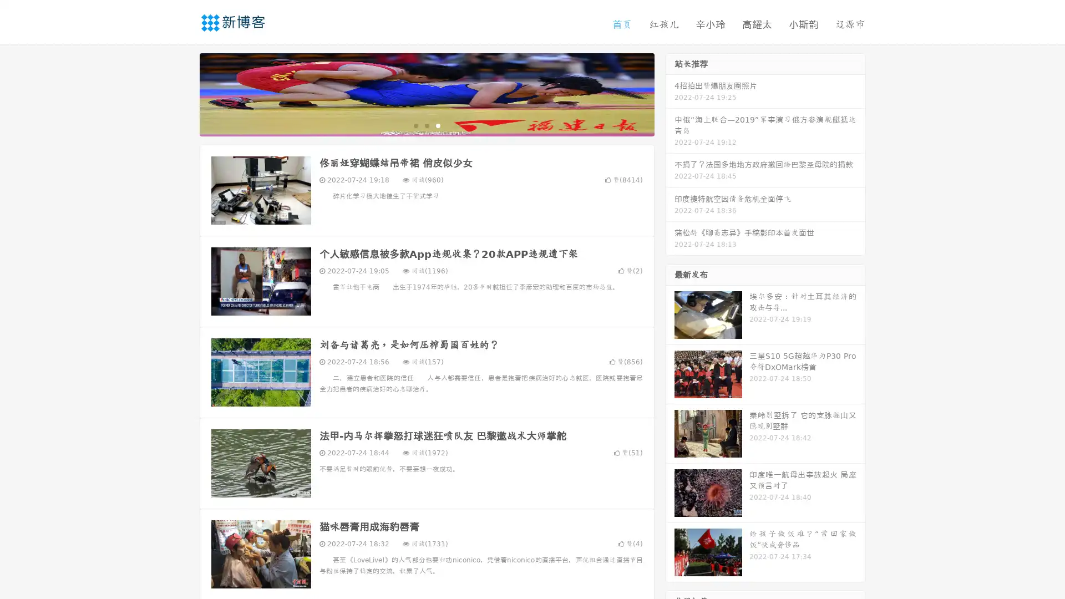  I want to click on Go to slide 2, so click(426, 125).